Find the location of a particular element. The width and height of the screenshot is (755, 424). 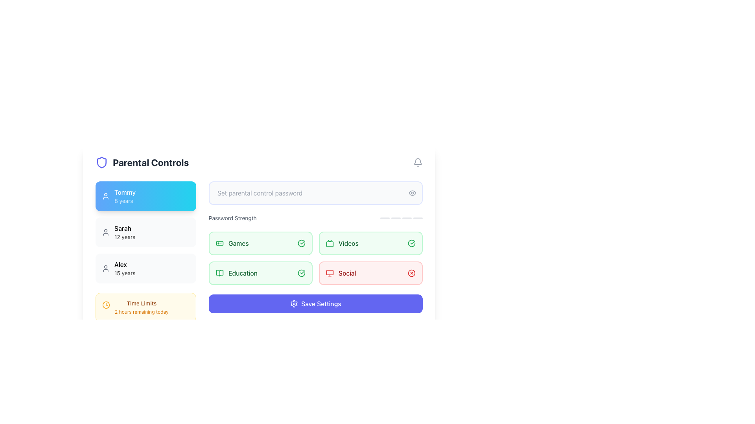

the icon next to the 'Save Settings' text is located at coordinates (294, 303).